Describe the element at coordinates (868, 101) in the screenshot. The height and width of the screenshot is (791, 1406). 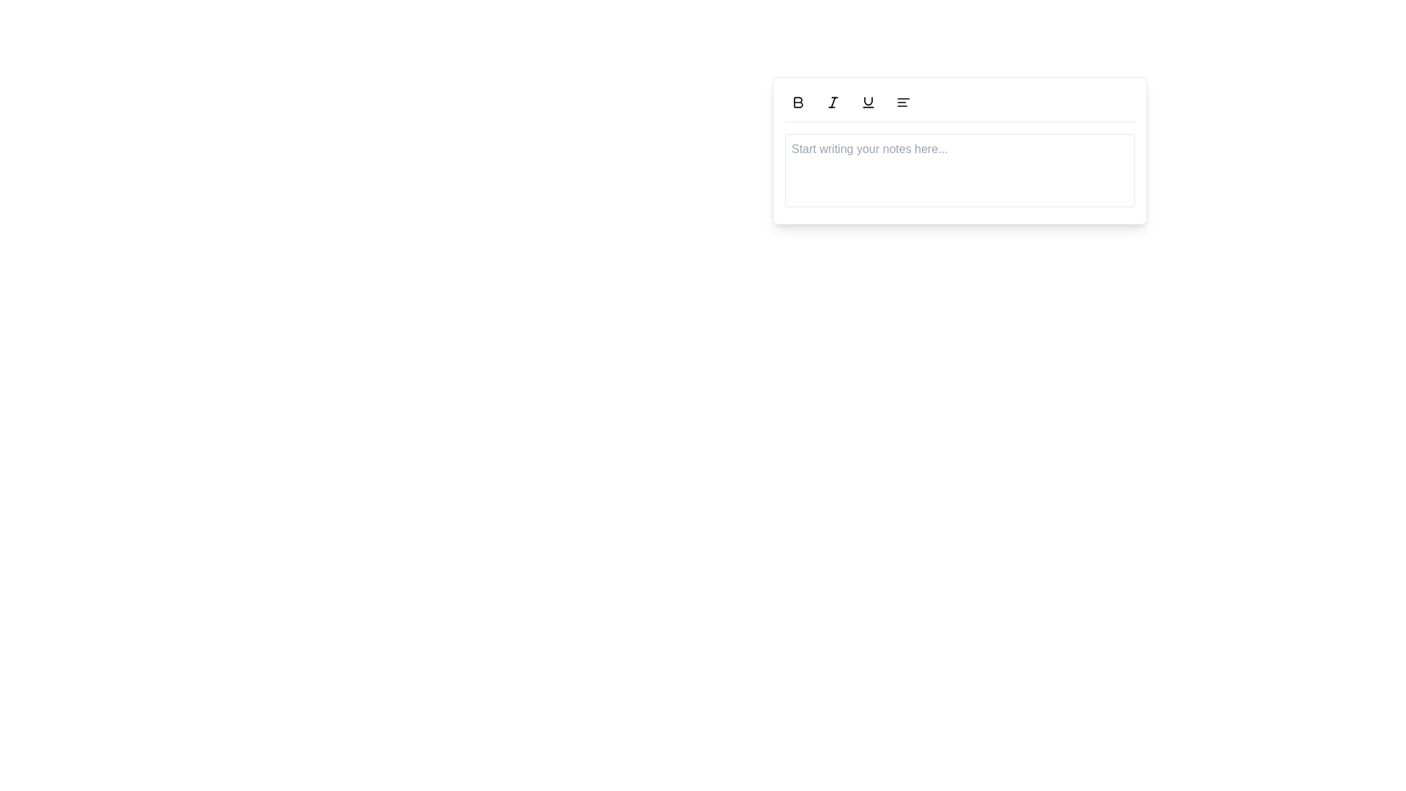
I see `the underline icon button located between the italic (I) icon and the alignment menu in the toolbar` at that location.